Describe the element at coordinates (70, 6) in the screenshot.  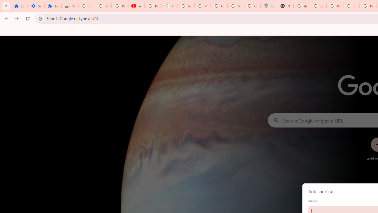
I see `'Reviews: Helix Fruit Jump Arcade Game'` at that location.